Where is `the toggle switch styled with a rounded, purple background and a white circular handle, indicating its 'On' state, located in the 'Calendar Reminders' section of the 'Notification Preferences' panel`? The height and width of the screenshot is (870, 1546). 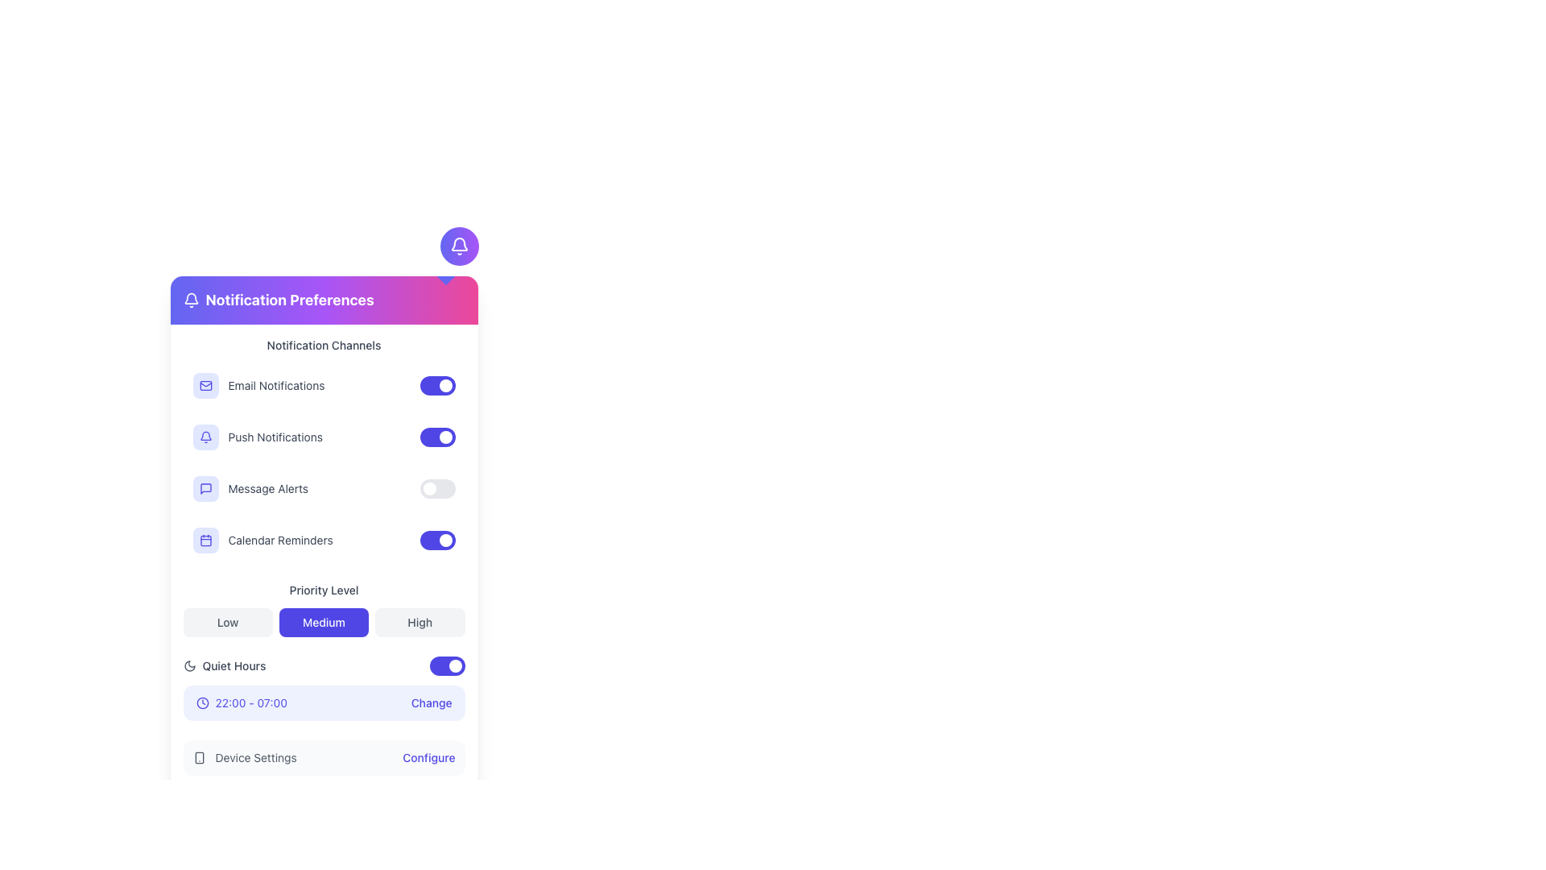 the toggle switch styled with a rounded, purple background and a white circular handle, indicating its 'On' state, located in the 'Calendar Reminders' section of the 'Notification Preferences' panel is located at coordinates (437, 541).